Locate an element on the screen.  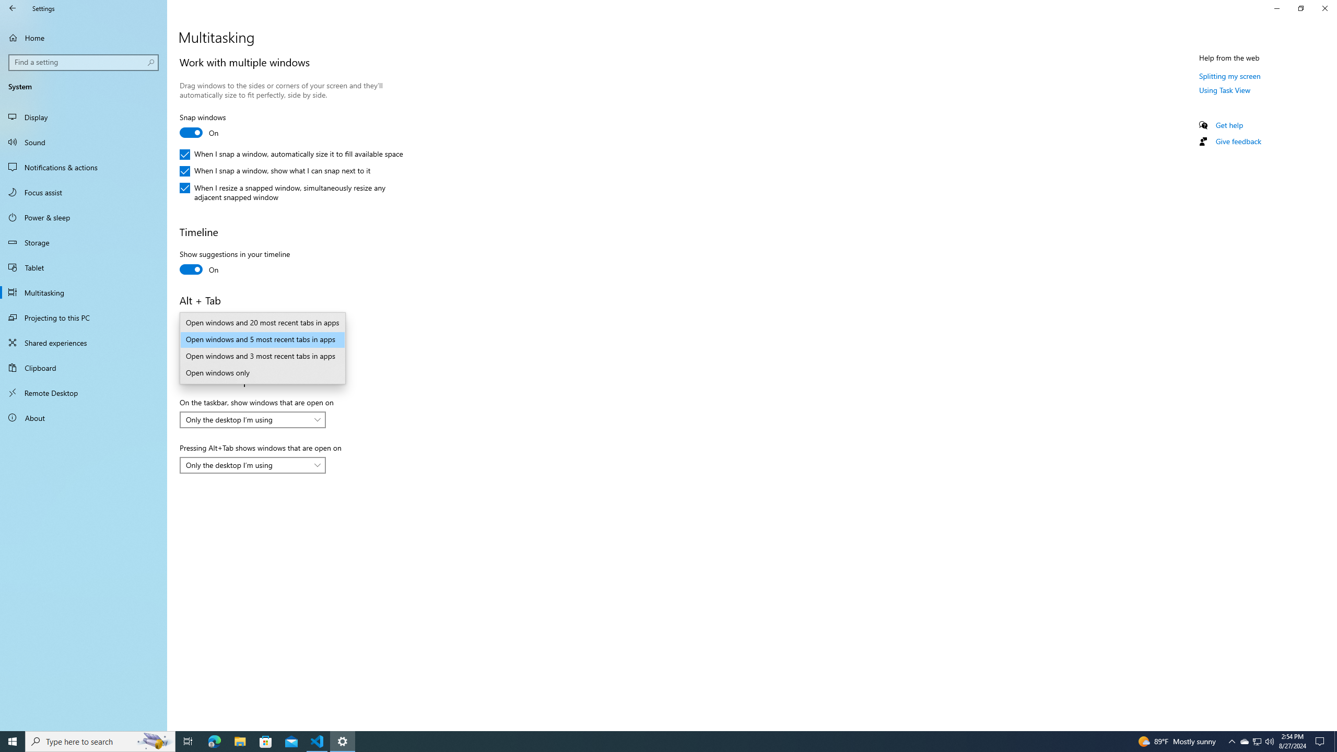
'About' is located at coordinates (83, 417).